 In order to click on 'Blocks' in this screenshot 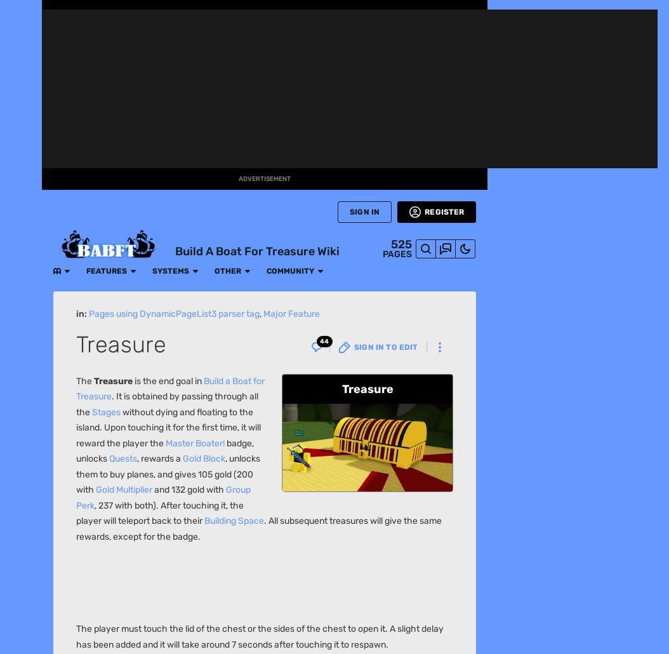, I will do `click(138, 202)`.